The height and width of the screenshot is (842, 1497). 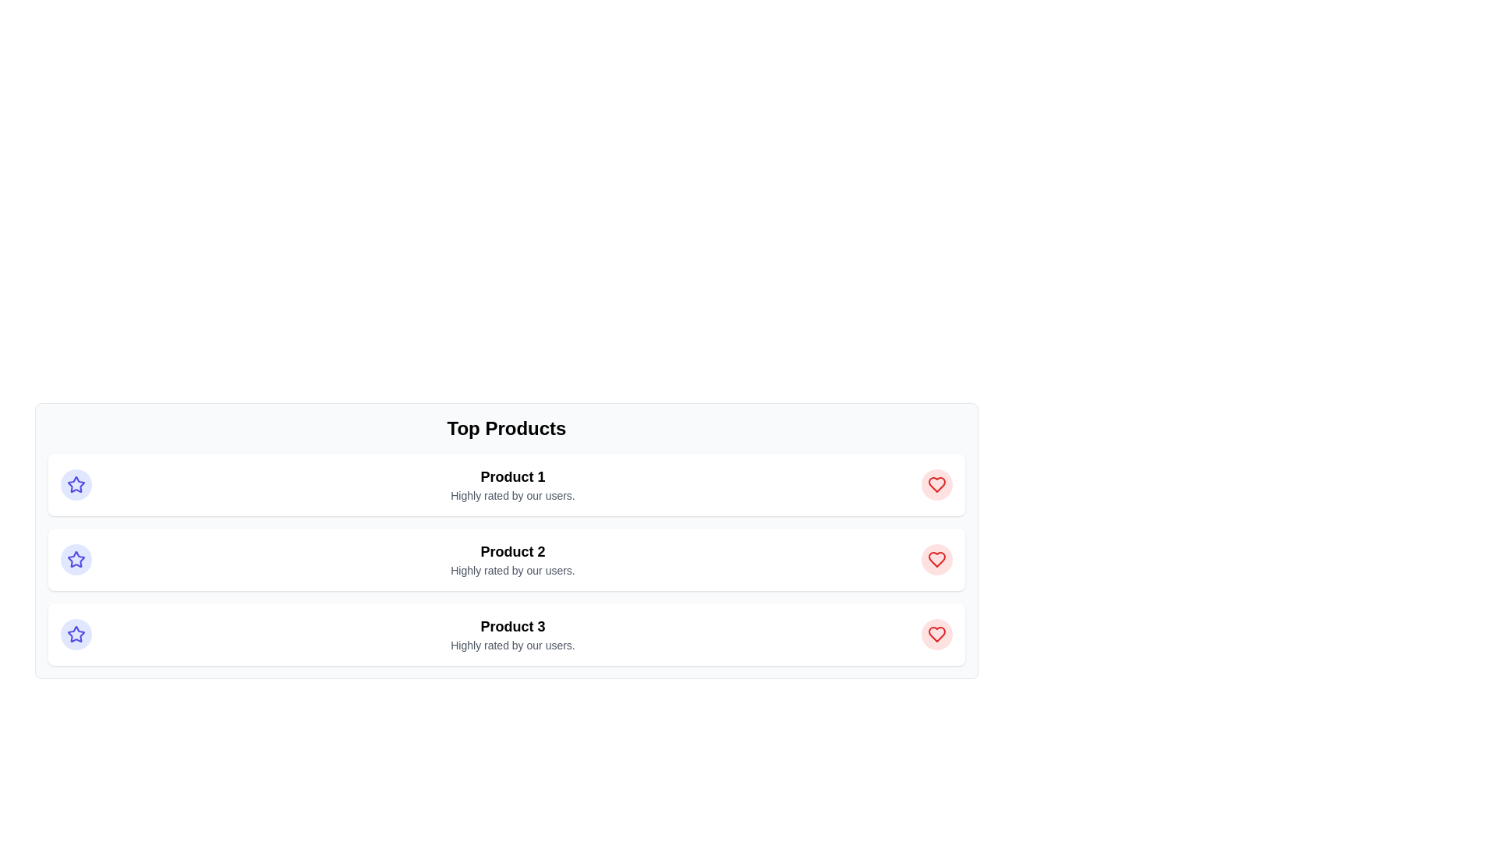 I want to click on the informational text element that contains the message 'Highly rated by our users.', located directly below 'Product 1', so click(x=512, y=496).